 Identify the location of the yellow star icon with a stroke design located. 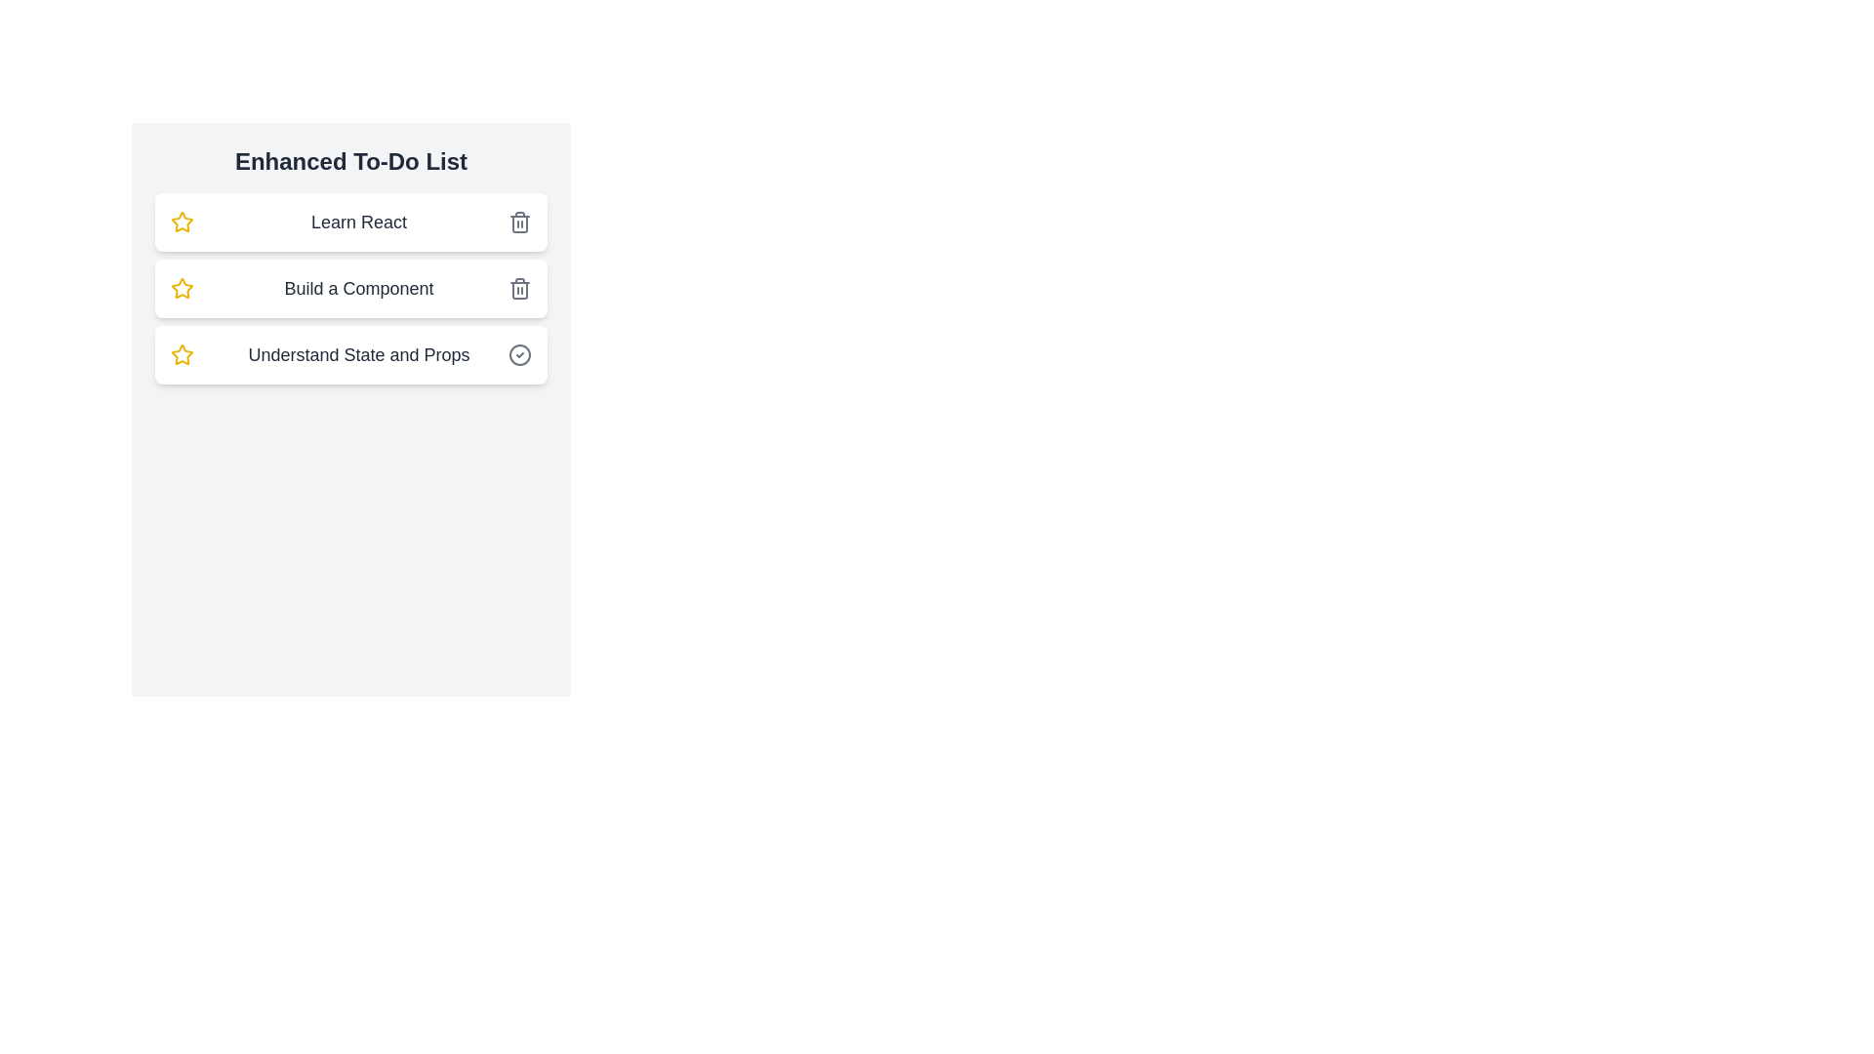
(183, 221).